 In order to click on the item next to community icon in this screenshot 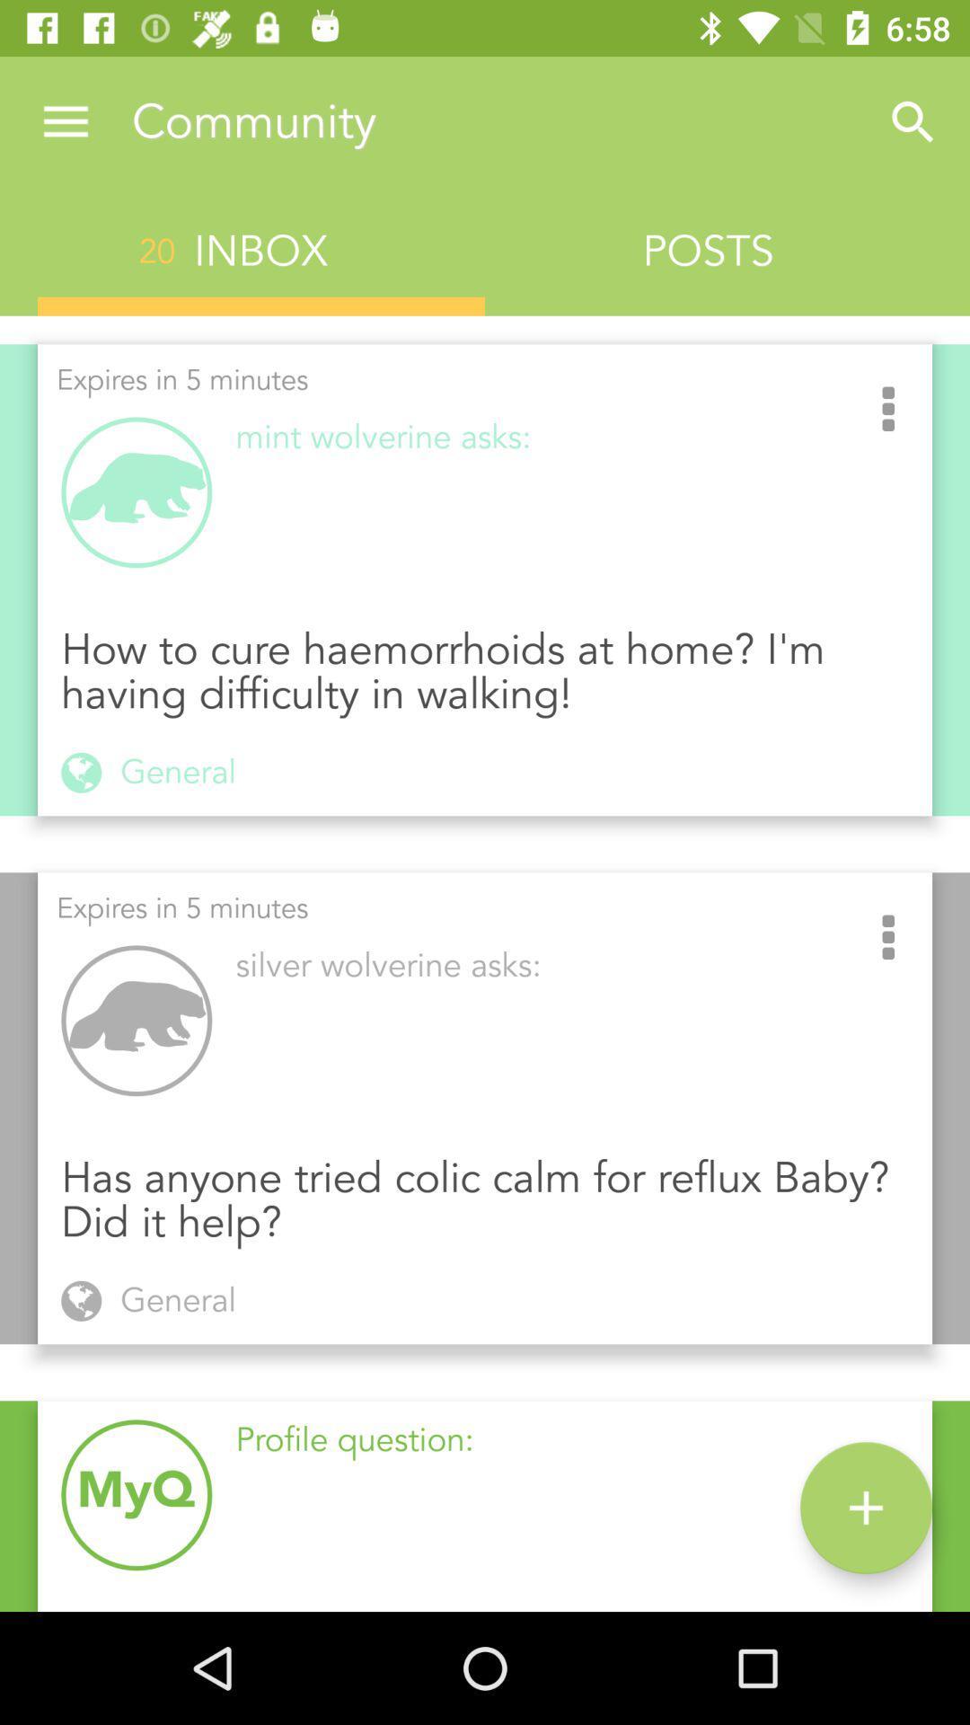, I will do `click(65, 121)`.